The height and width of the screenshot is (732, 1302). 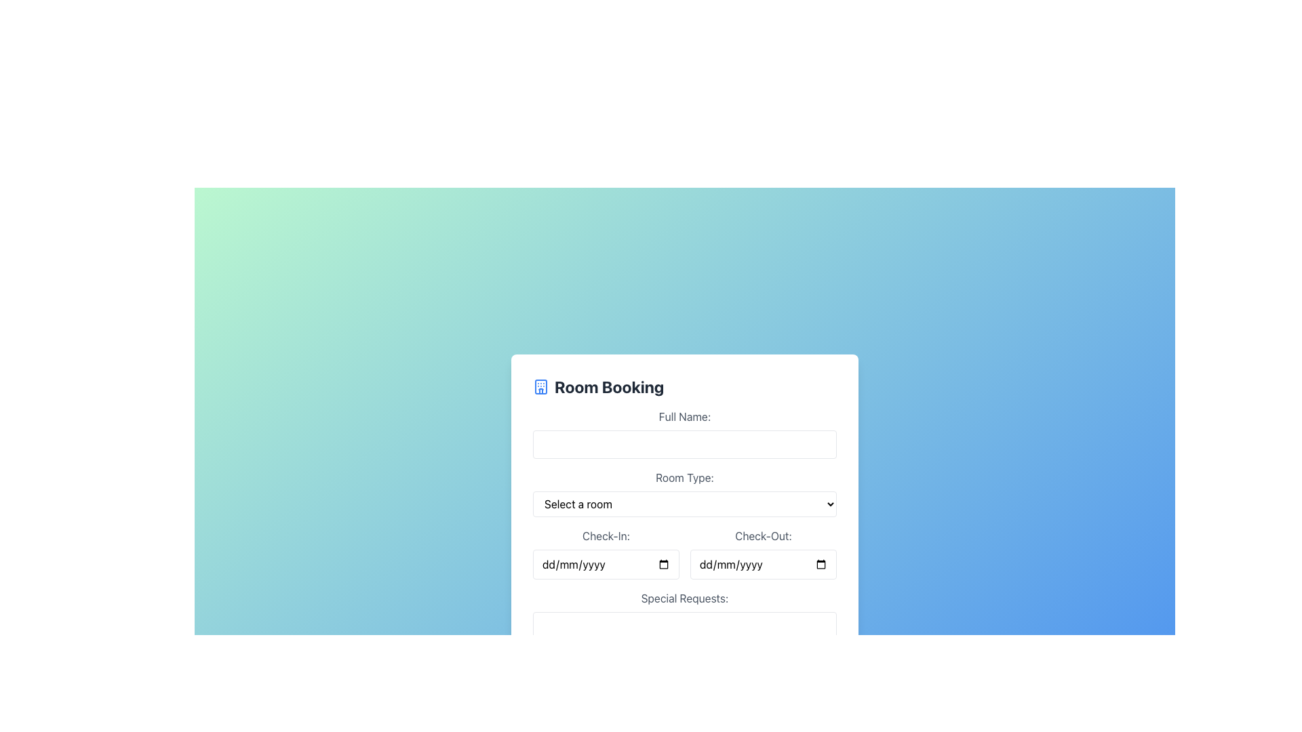 What do you see at coordinates (764, 565) in the screenshot?
I see `the 'Check-Out:' date input field, which has rounded corners and a placeholder of 'dd/mm/yyyy'` at bounding box center [764, 565].